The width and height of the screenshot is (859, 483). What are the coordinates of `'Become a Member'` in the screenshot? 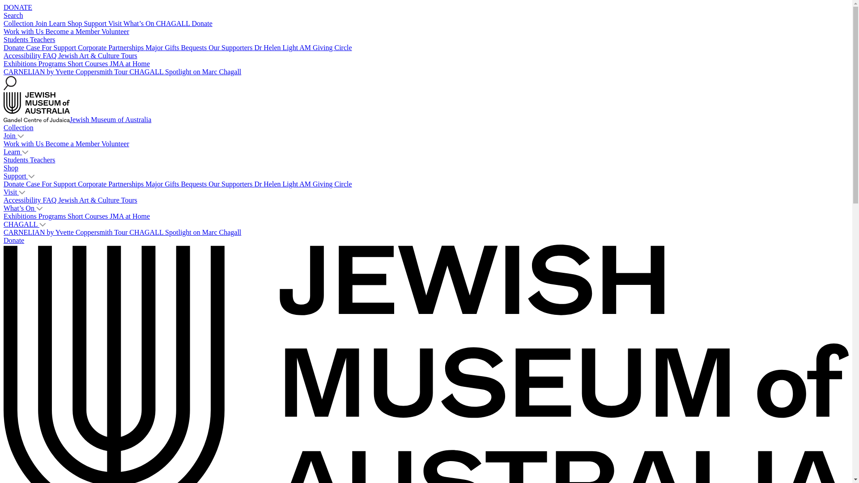 It's located at (44, 31).